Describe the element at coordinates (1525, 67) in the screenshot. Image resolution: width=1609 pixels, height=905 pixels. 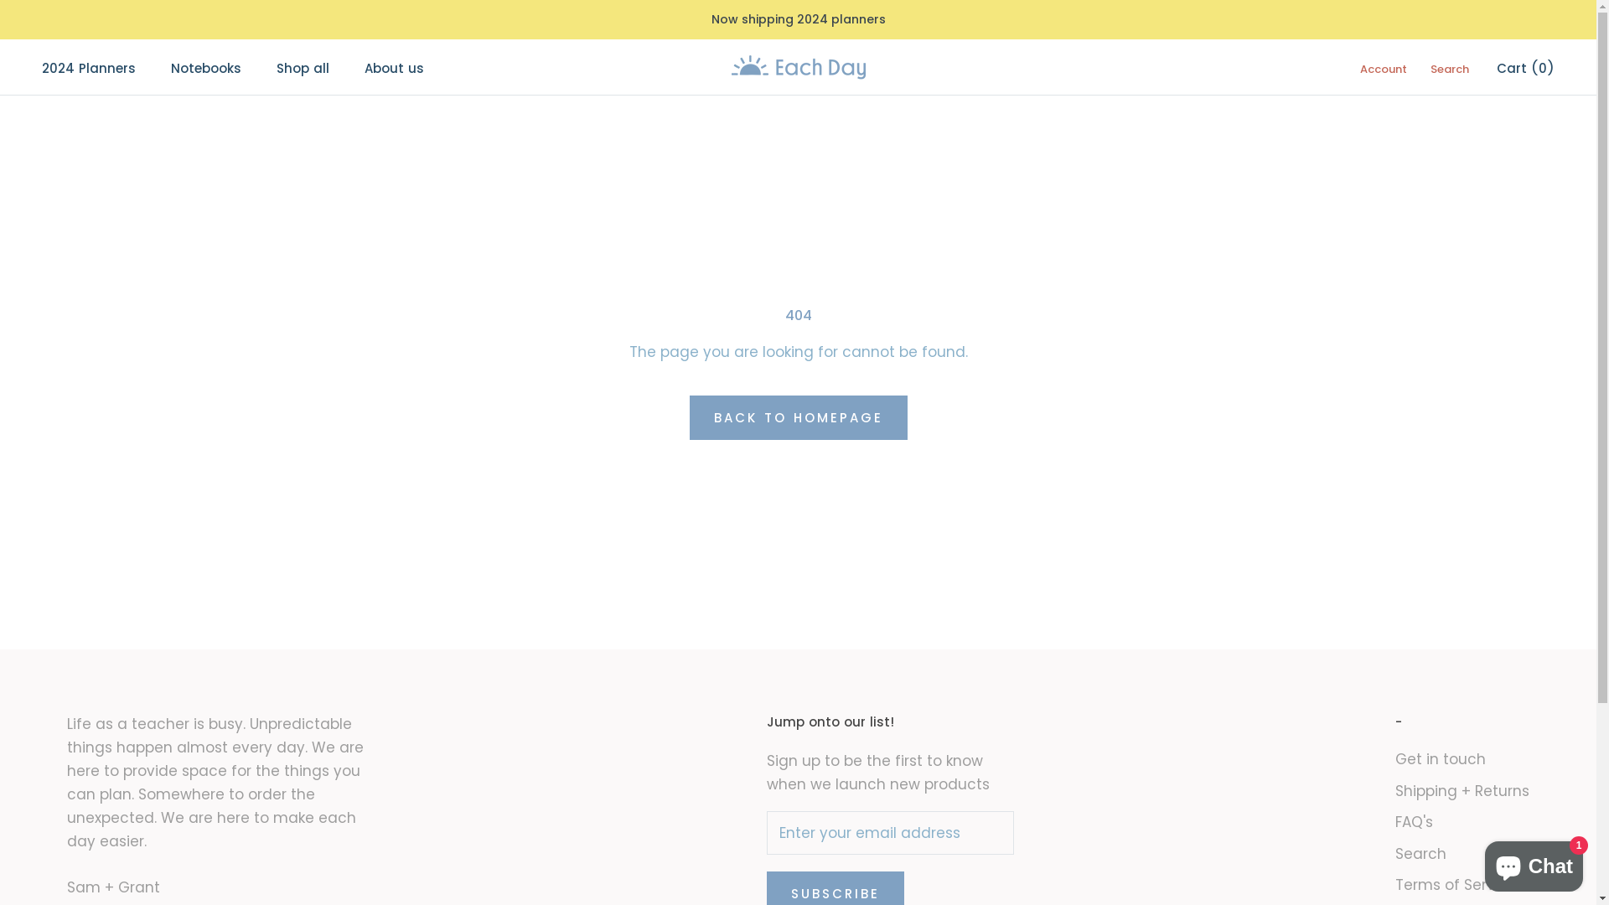
I see `'Cart (0)'` at that location.